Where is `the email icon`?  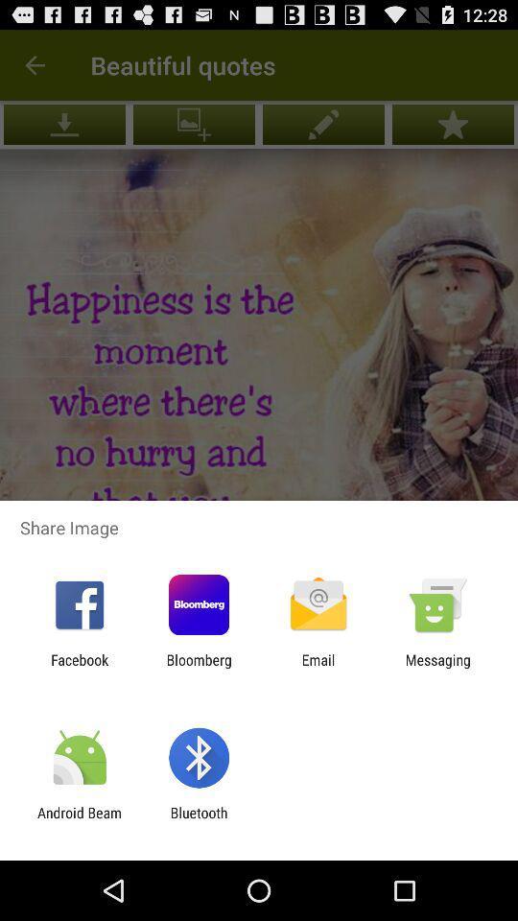 the email icon is located at coordinates (318, 668).